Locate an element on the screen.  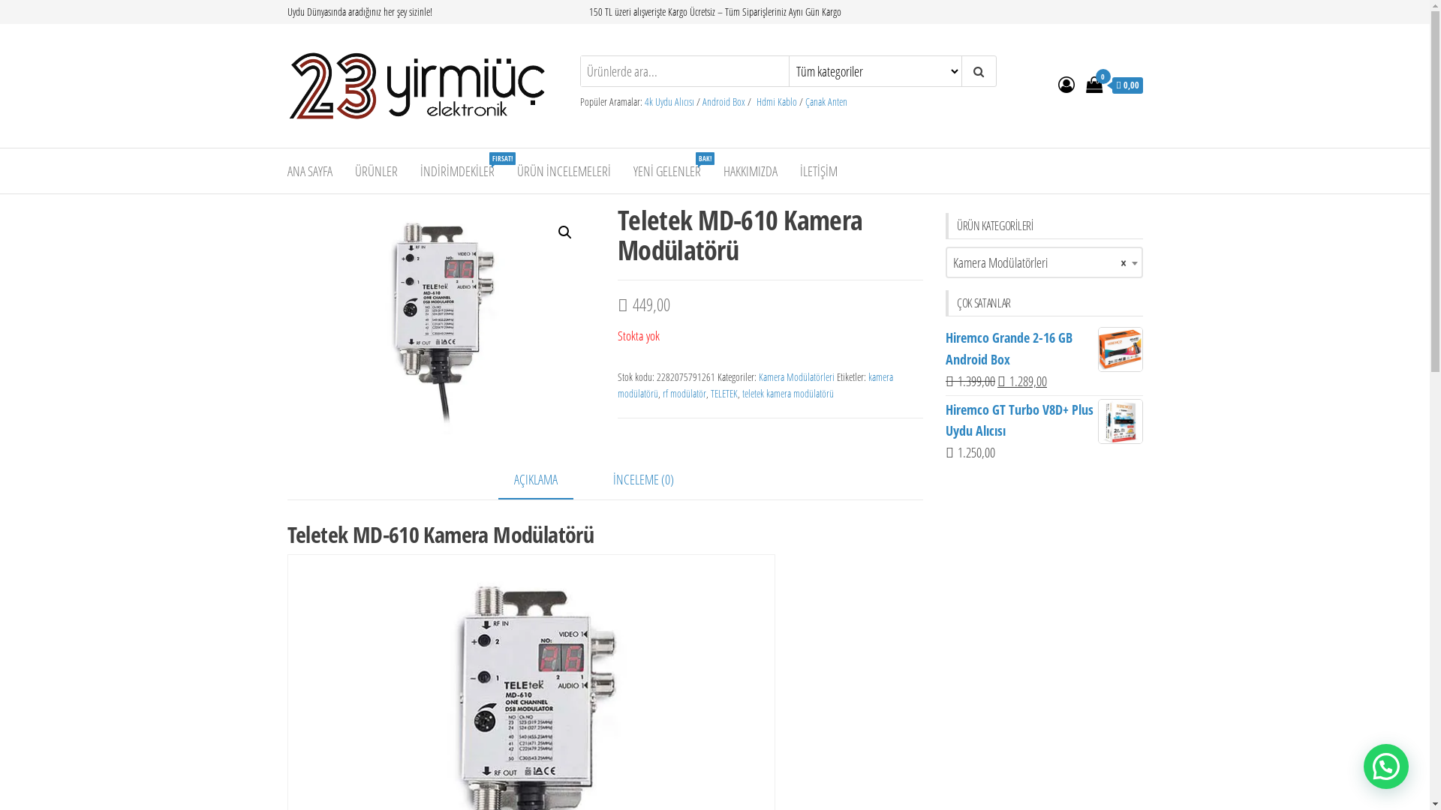
'TELETEK' is located at coordinates (724, 392).